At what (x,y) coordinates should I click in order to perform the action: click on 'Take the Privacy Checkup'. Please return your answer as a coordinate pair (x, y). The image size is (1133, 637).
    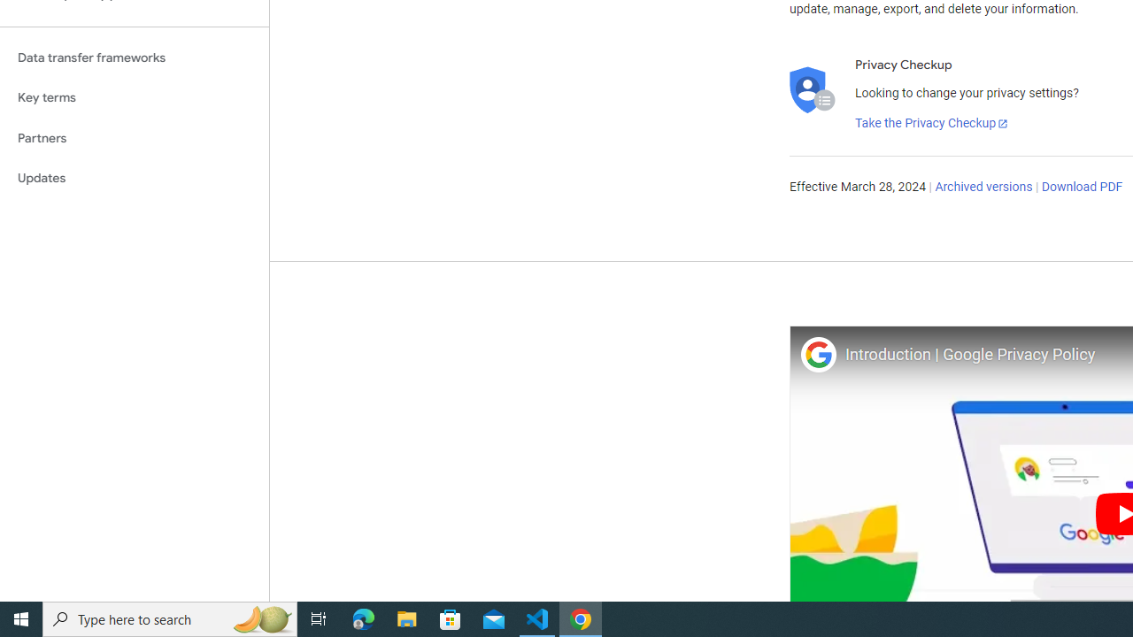
    Looking at the image, I should click on (931, 123).